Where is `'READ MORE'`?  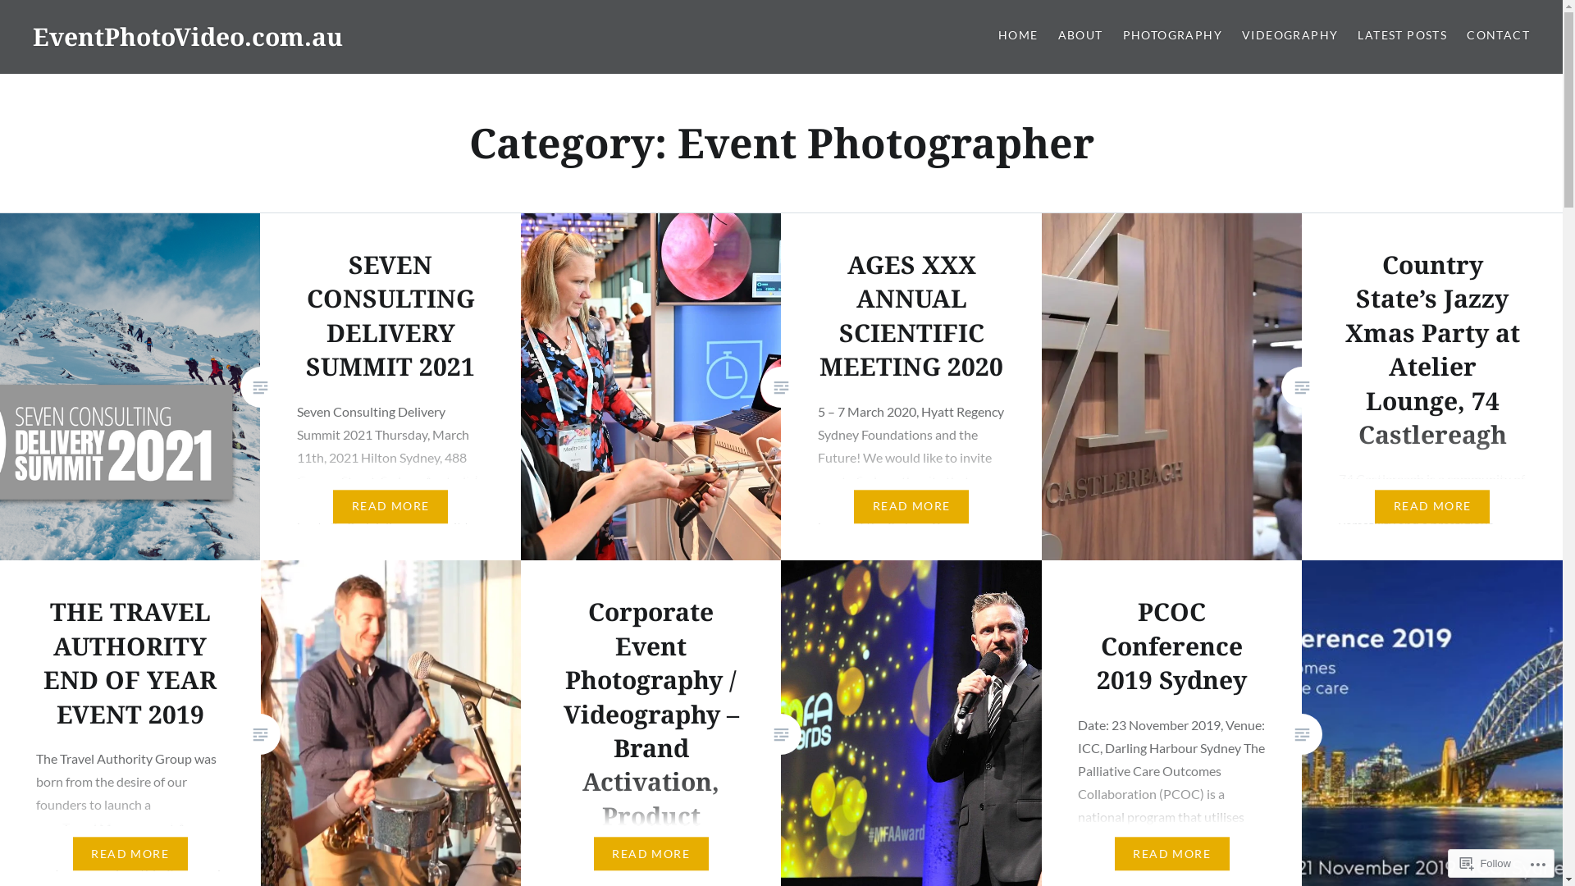
'READ MORE' is located at coordinates (1431, 505).